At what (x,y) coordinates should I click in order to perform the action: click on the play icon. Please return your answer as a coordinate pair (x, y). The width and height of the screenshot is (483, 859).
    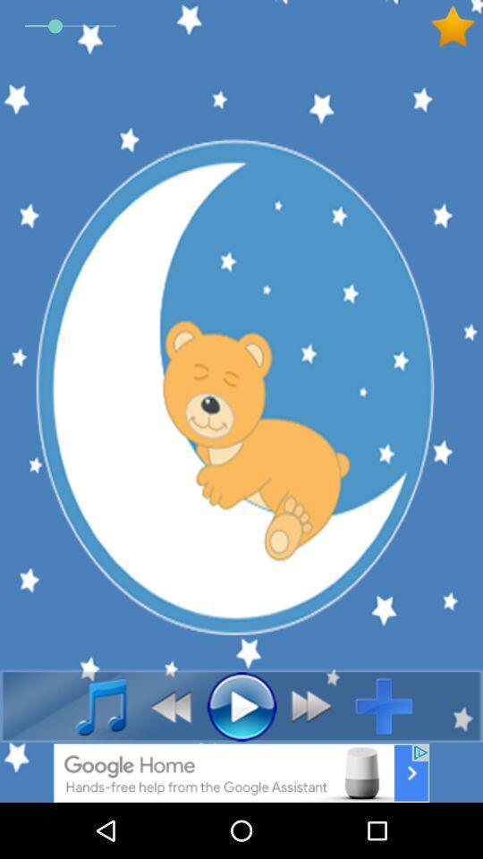
    Looking at the image, I should click on (241, 706).